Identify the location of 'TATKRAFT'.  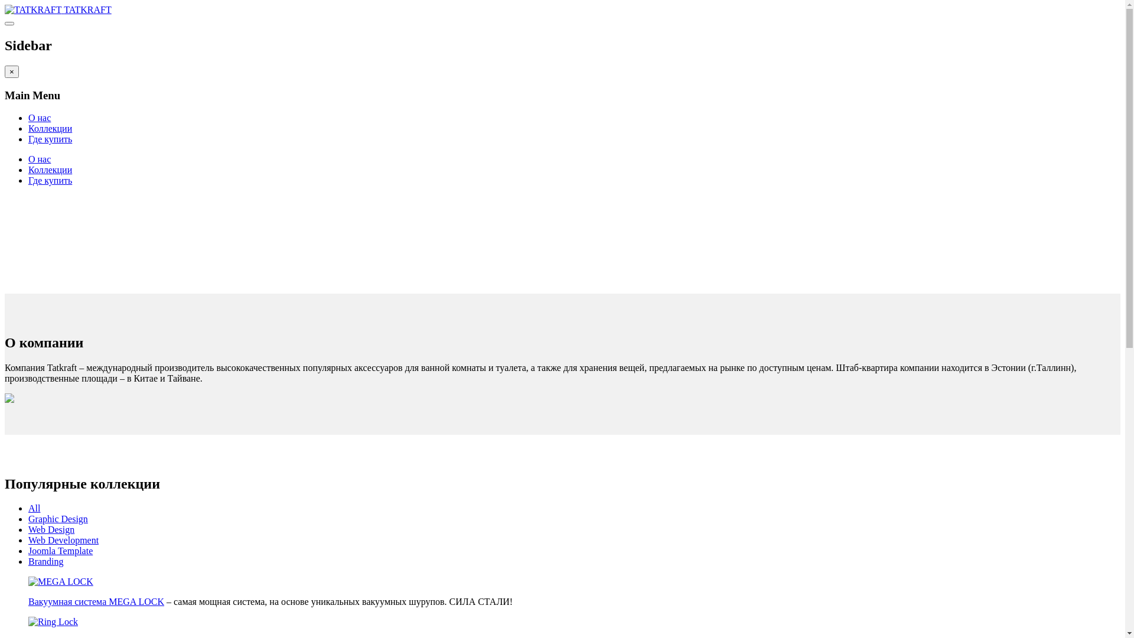
(57, 9).